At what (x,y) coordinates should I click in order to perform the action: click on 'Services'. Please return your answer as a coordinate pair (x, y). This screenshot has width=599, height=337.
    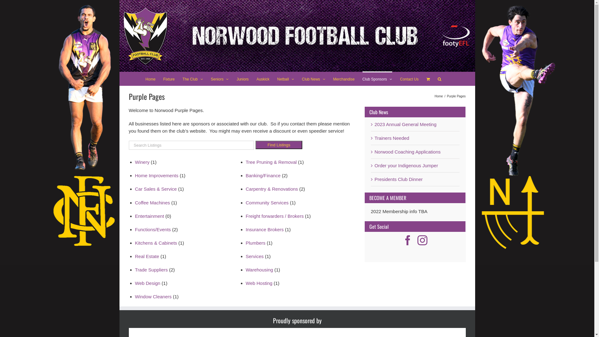
    Looking at the image, I should click on (255, 256).